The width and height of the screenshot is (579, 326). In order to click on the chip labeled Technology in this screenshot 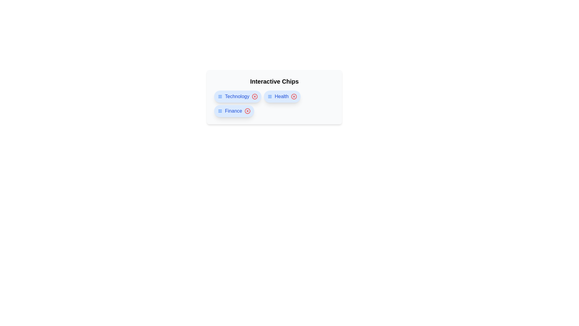, I will do `click(237, 96)`.